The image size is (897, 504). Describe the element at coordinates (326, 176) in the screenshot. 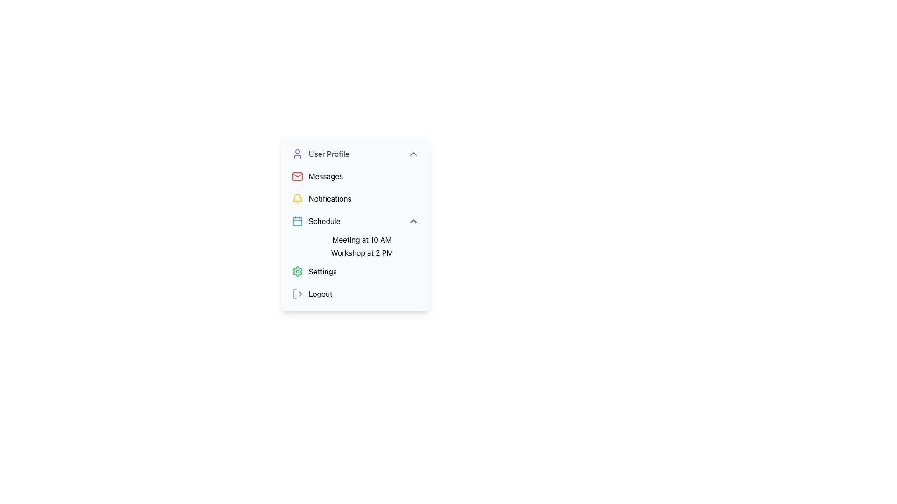

I see `text label that describes the menu item for navigating to the Messages-related interface, positioned between the 'User Profile' and 'Notifications' items in the vertical navigation menu` at that location.